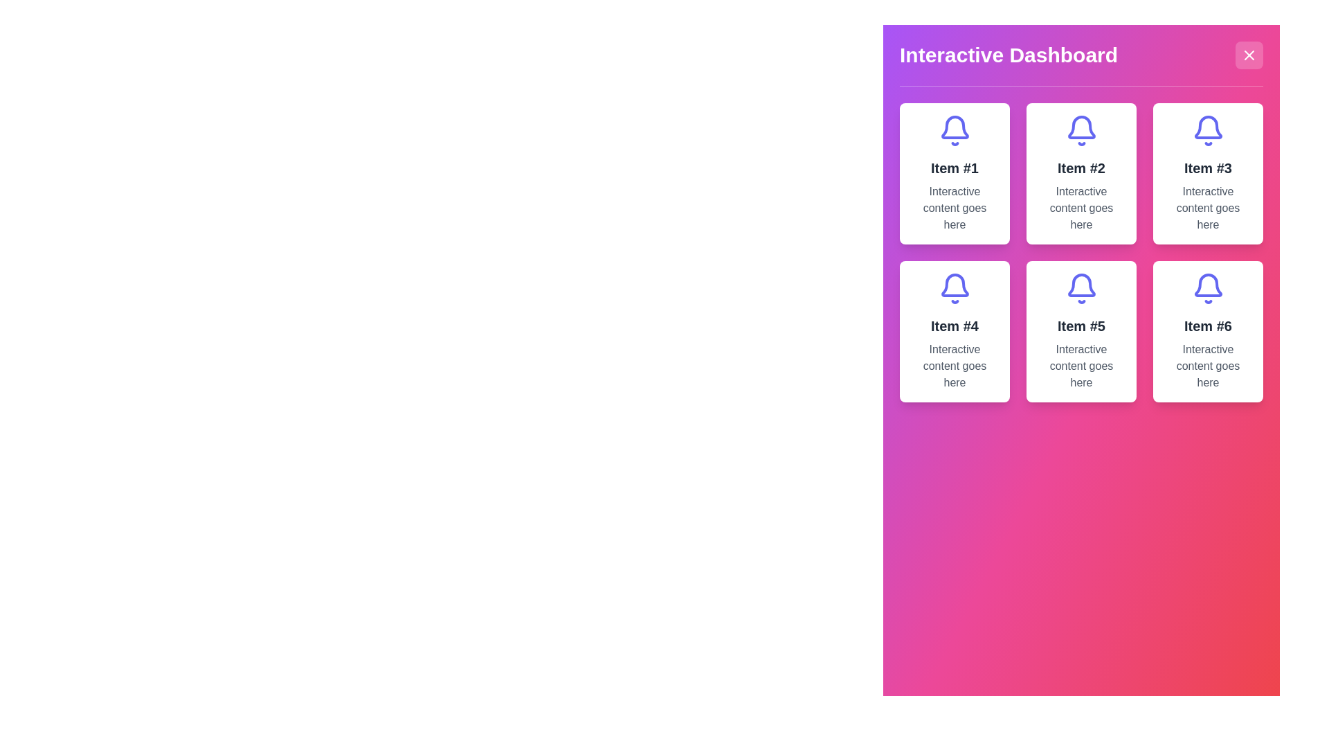  What do you see at coordinates (1081, 285) in the screenshot?
I see `the bell-shaped icon with an indigo stroke, located within the 'Item #5' card in the interactive dashboard modal` at bounding box center [1081, 285].